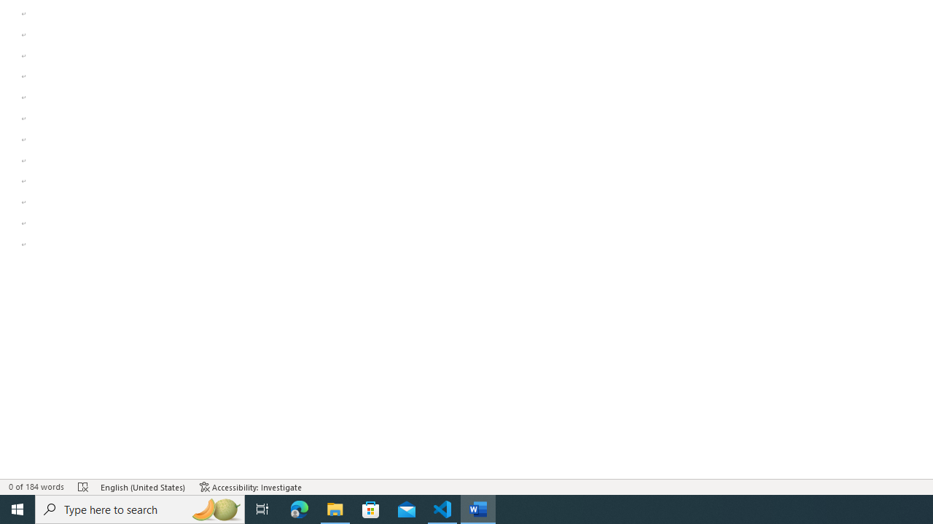  I want to click on 'Microsoft Edge', so click(299, 508).